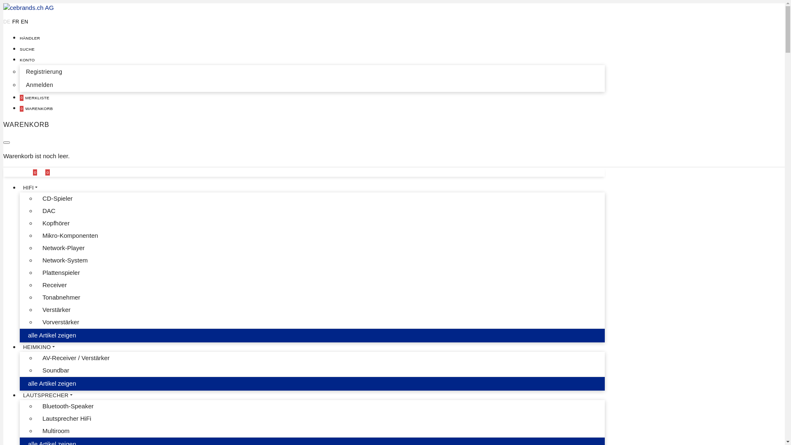 The width and height of the screenshot is (791, 445). Describe the element at coordinates (7, 21) in the screenshot. I see `'DE'` at that location.